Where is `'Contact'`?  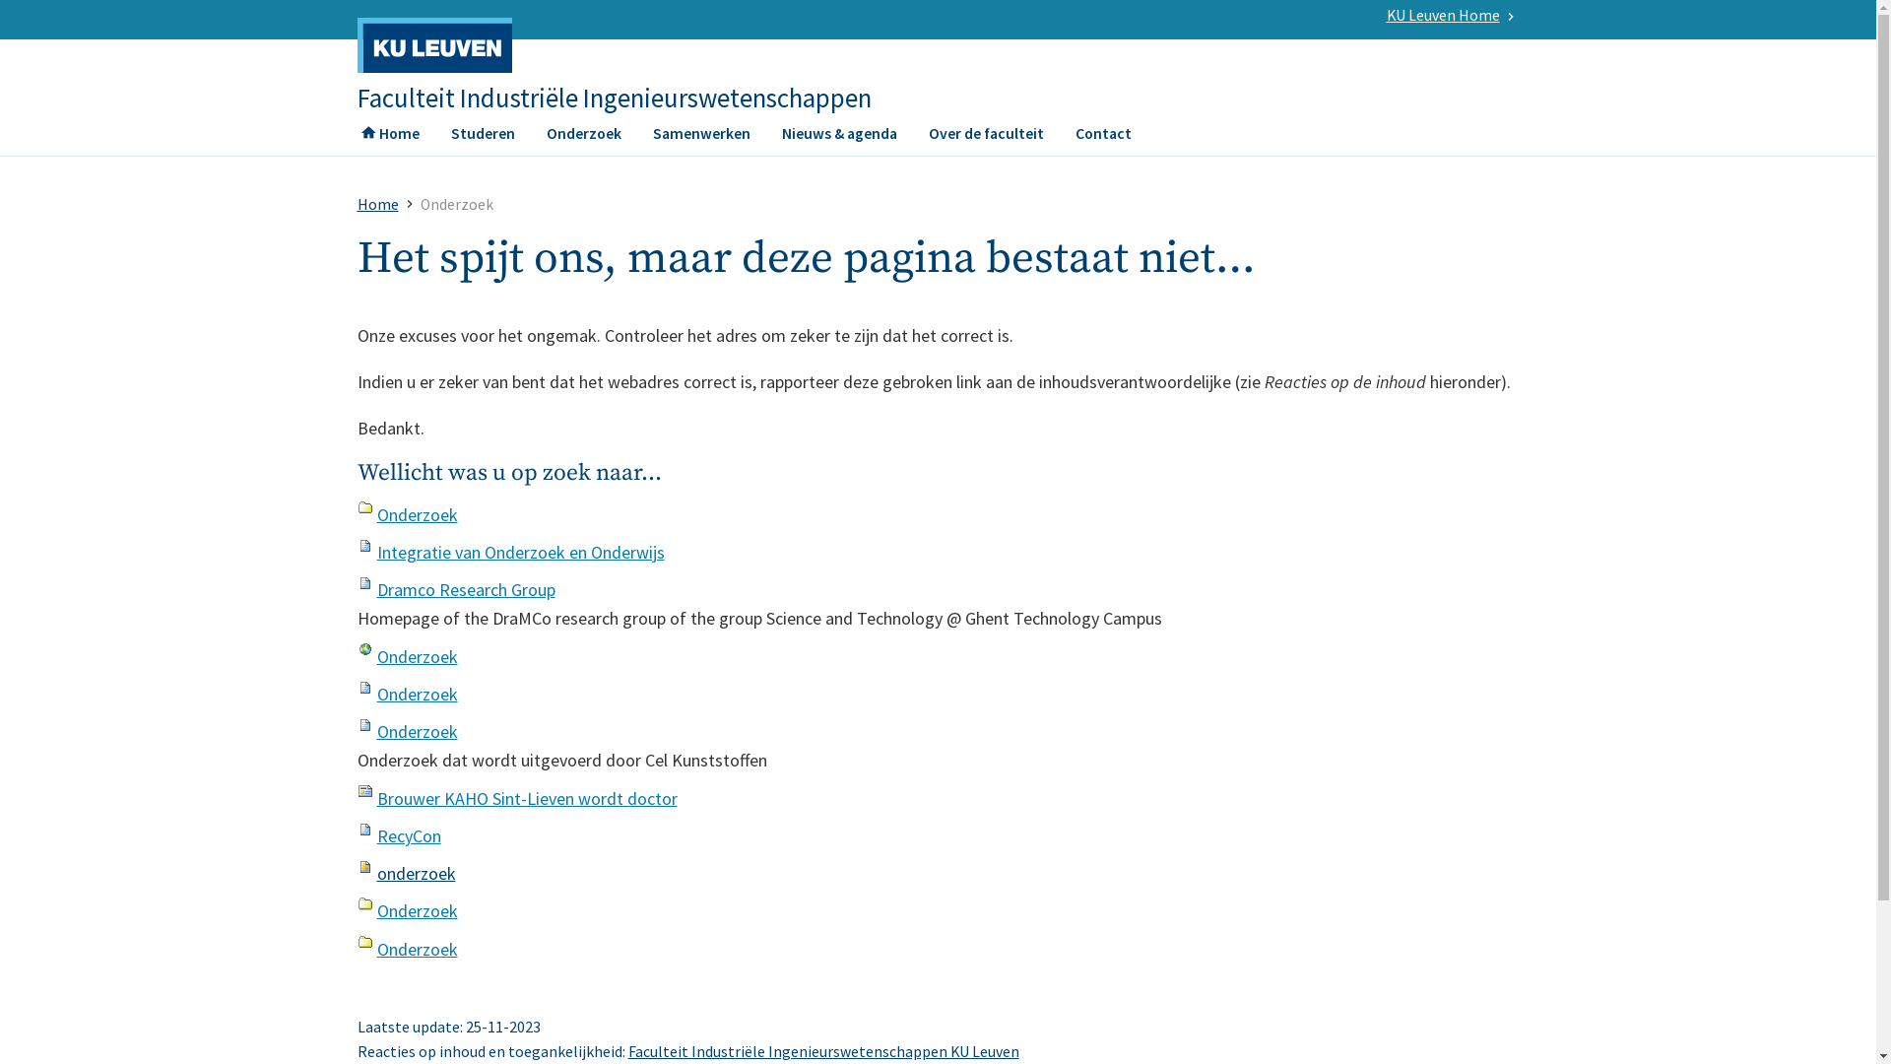
'Contact' is located at coordinates (1103, 138).